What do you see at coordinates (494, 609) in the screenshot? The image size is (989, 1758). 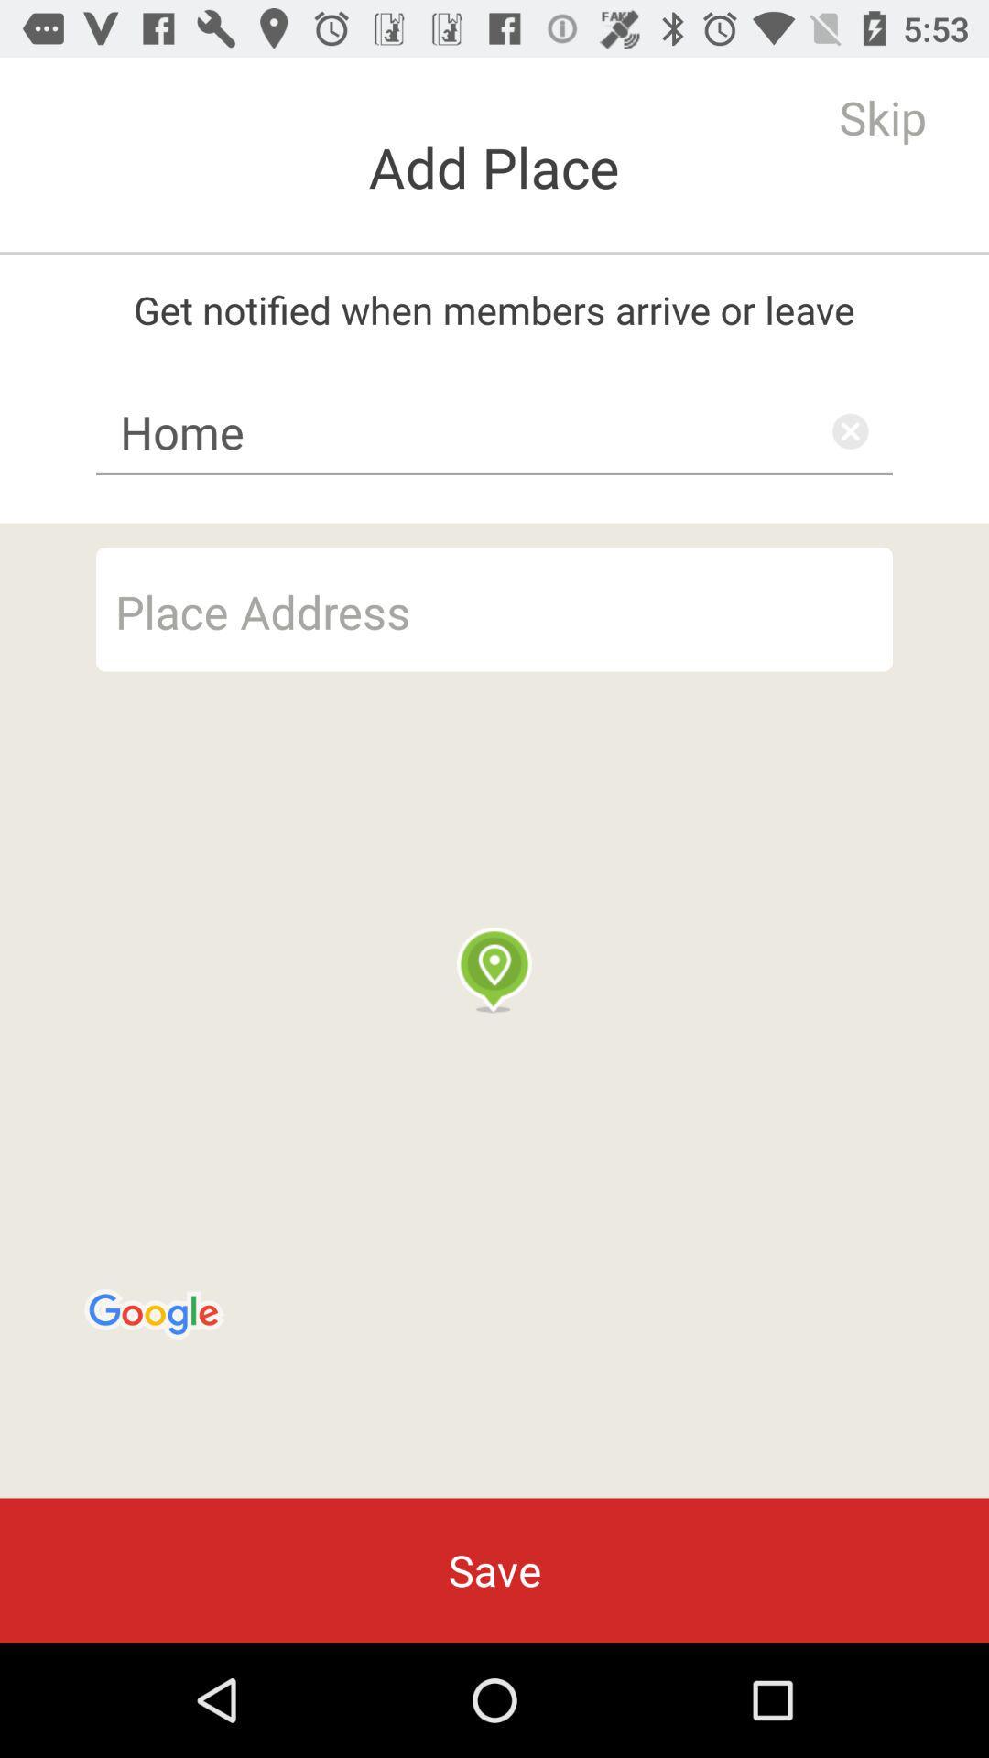 I see `the icon below home item` at bounding box center [494, 609].